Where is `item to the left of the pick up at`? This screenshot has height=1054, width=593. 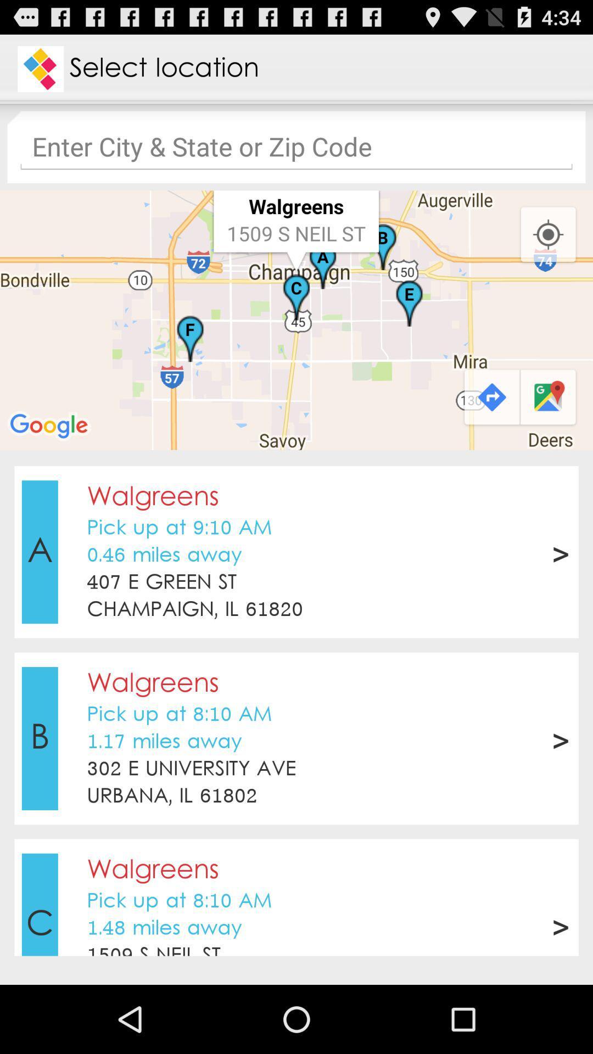 item to the left of the pick up at is located at coordinates (39, 738).